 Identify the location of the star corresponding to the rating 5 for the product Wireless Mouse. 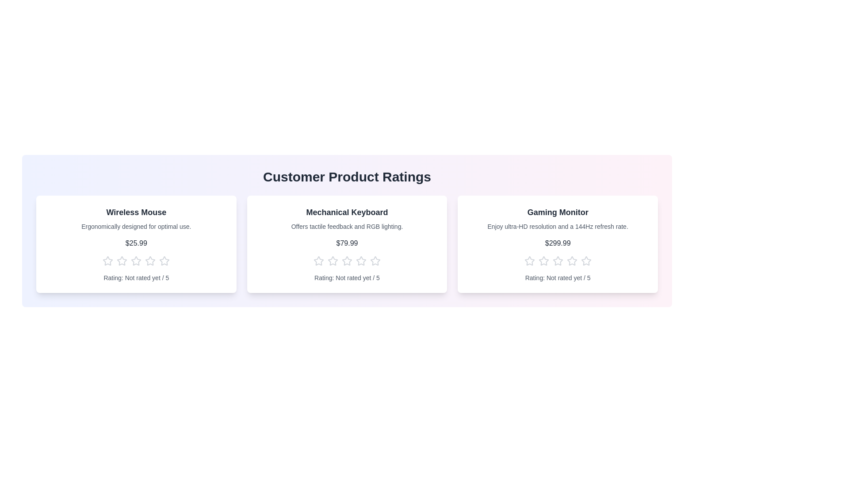
(164, 261).